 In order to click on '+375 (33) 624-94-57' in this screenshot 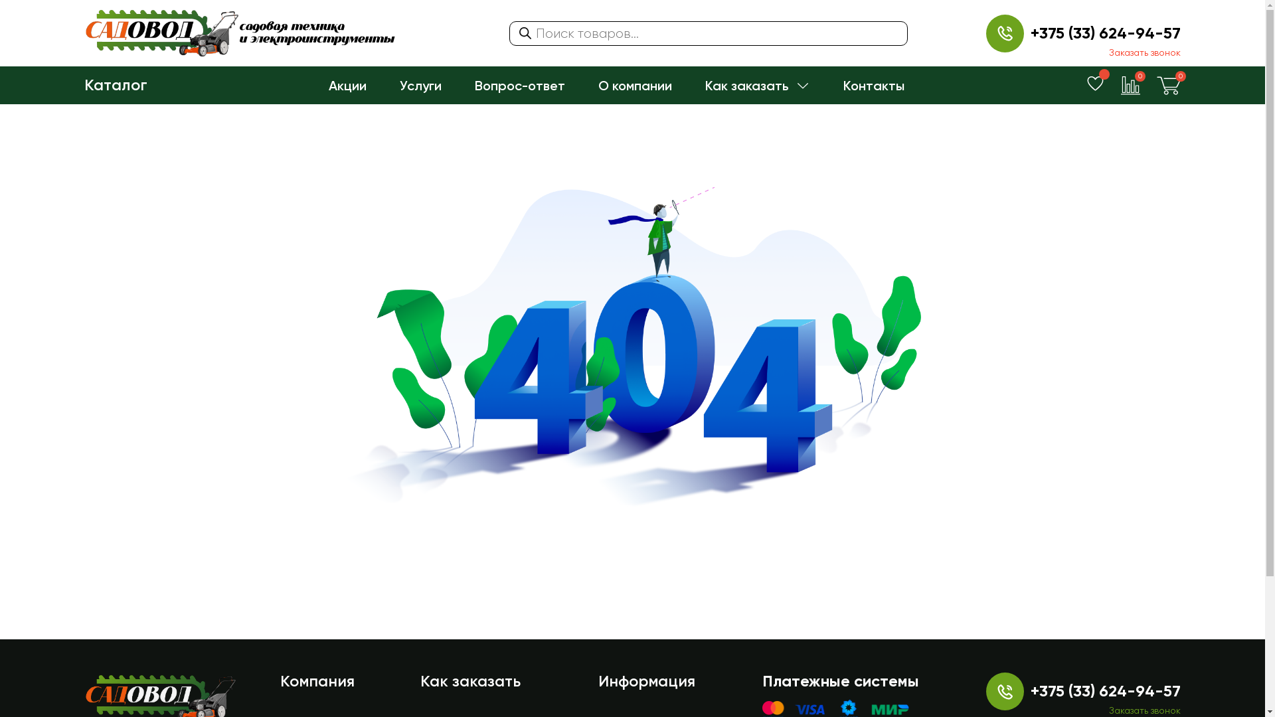, I will do `click(1106, 690)`.